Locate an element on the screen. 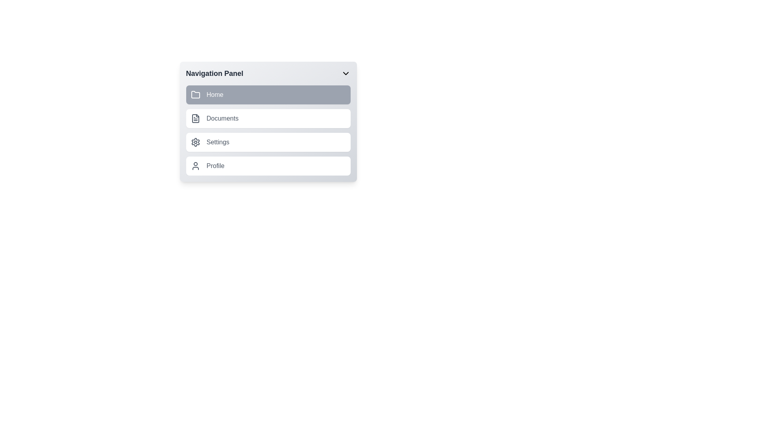  the first navigational button in the vertical list to provide visual feedback before redirecting to the 'Home' section is located at coordinates (268, 94).